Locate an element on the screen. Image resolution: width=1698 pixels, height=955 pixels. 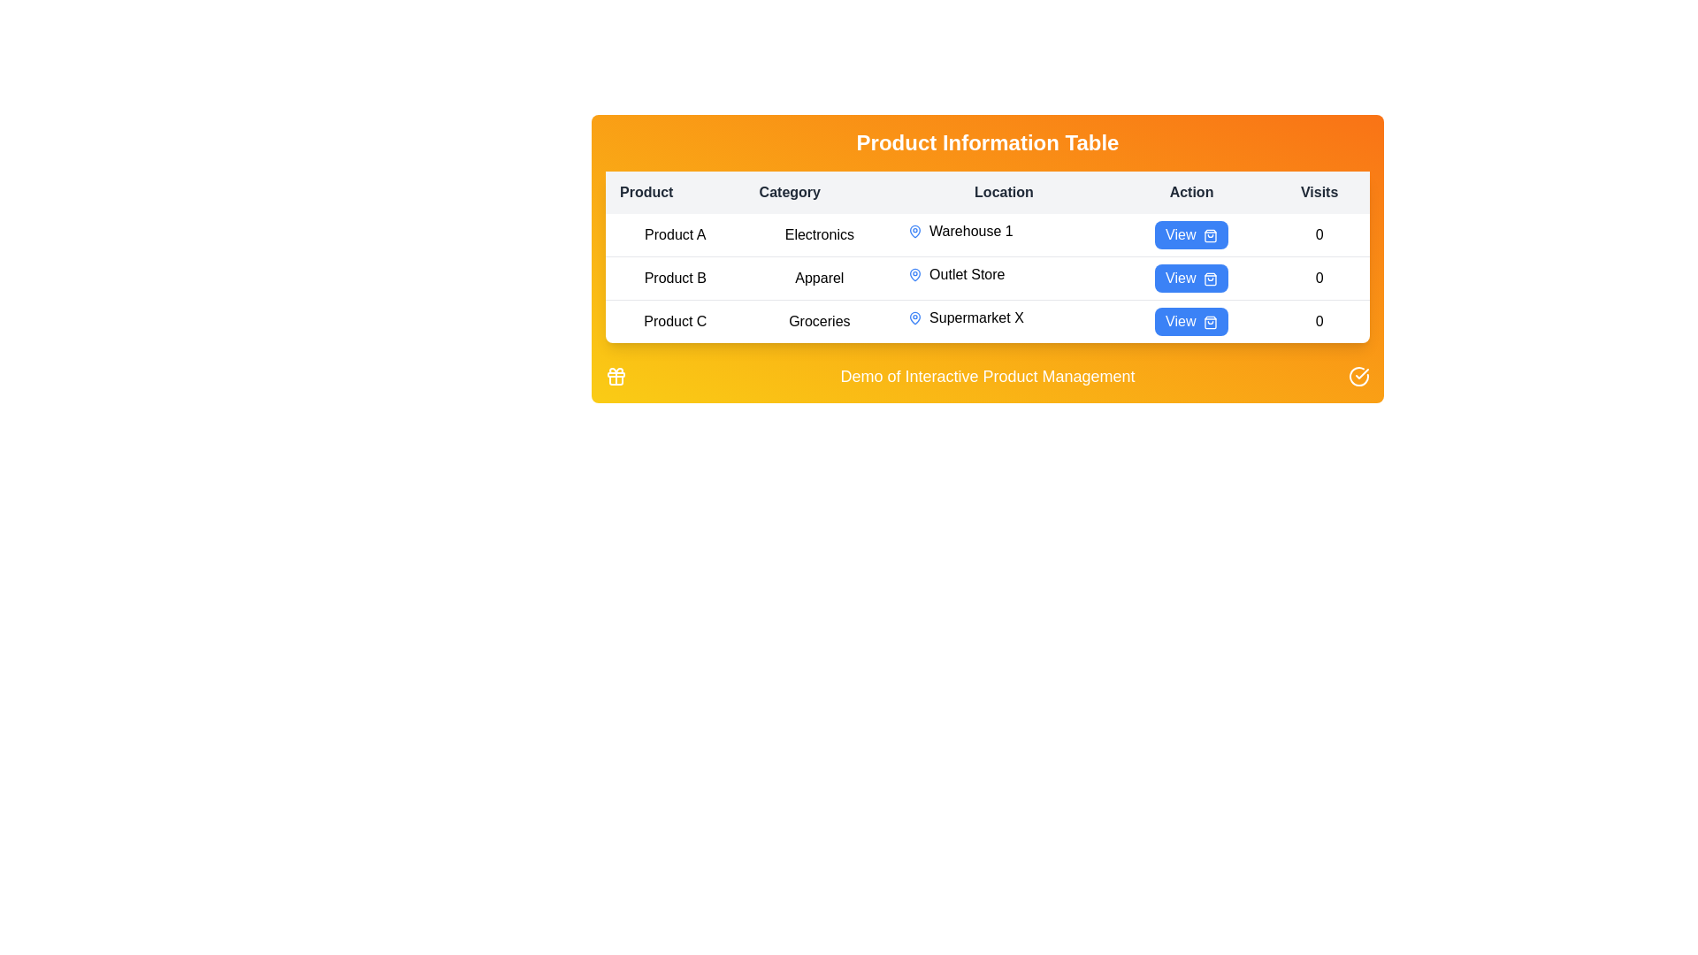
text label displaying 'Product A' in black font, located in the top-left corner of the table under the header in the 'Product' column is located at coordinates (674, 234).